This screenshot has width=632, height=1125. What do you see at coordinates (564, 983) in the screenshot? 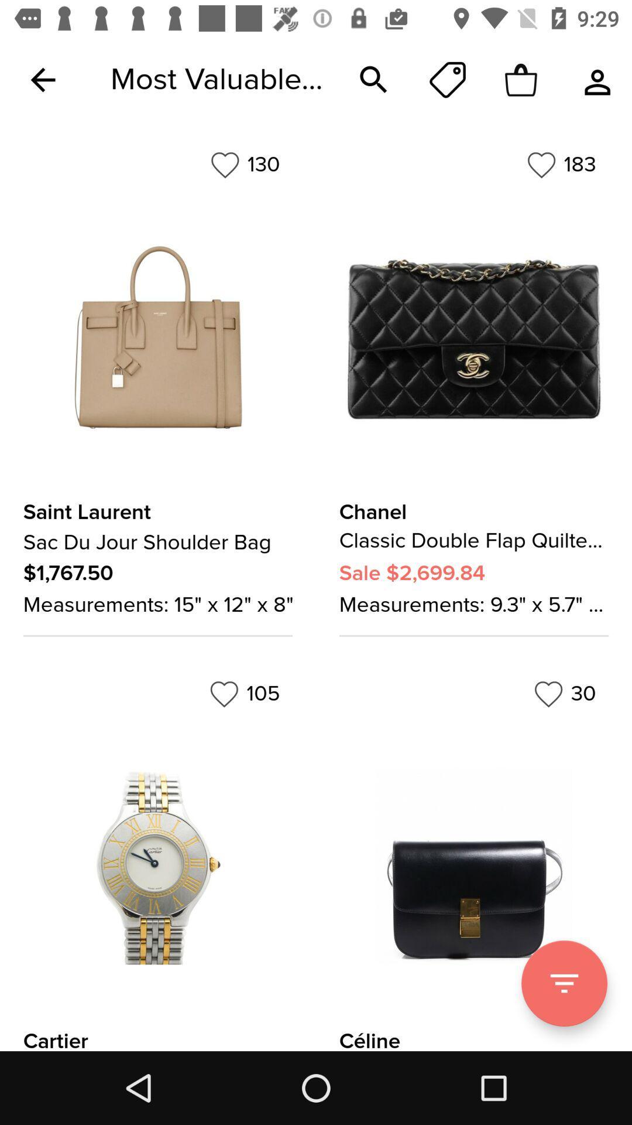
I see `scroll further down the page` at bounding box center [564, 983].